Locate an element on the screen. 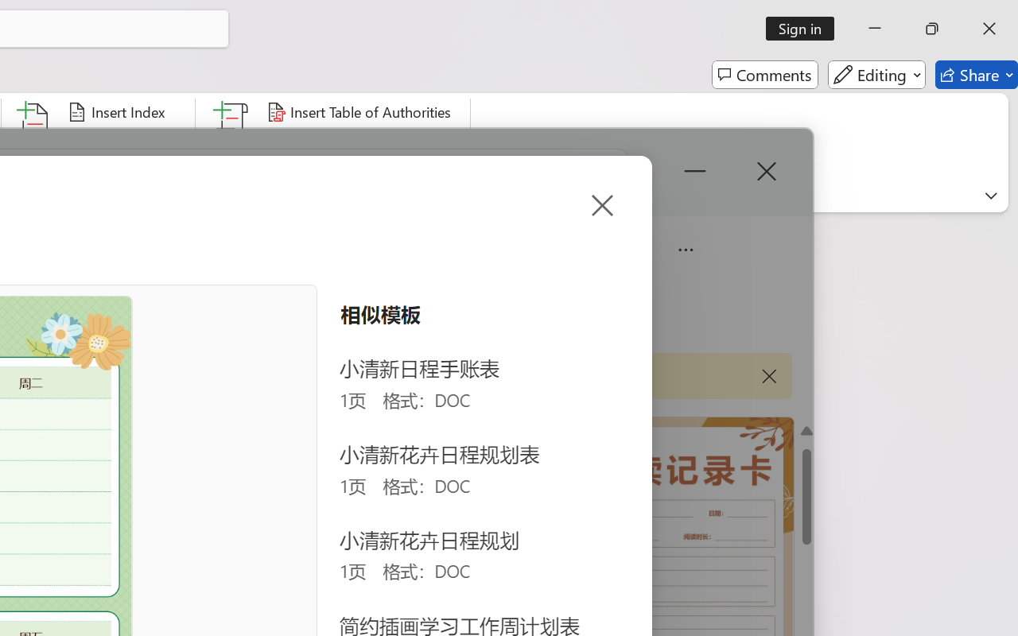  'Editing' is located at coordinates (876, 75).